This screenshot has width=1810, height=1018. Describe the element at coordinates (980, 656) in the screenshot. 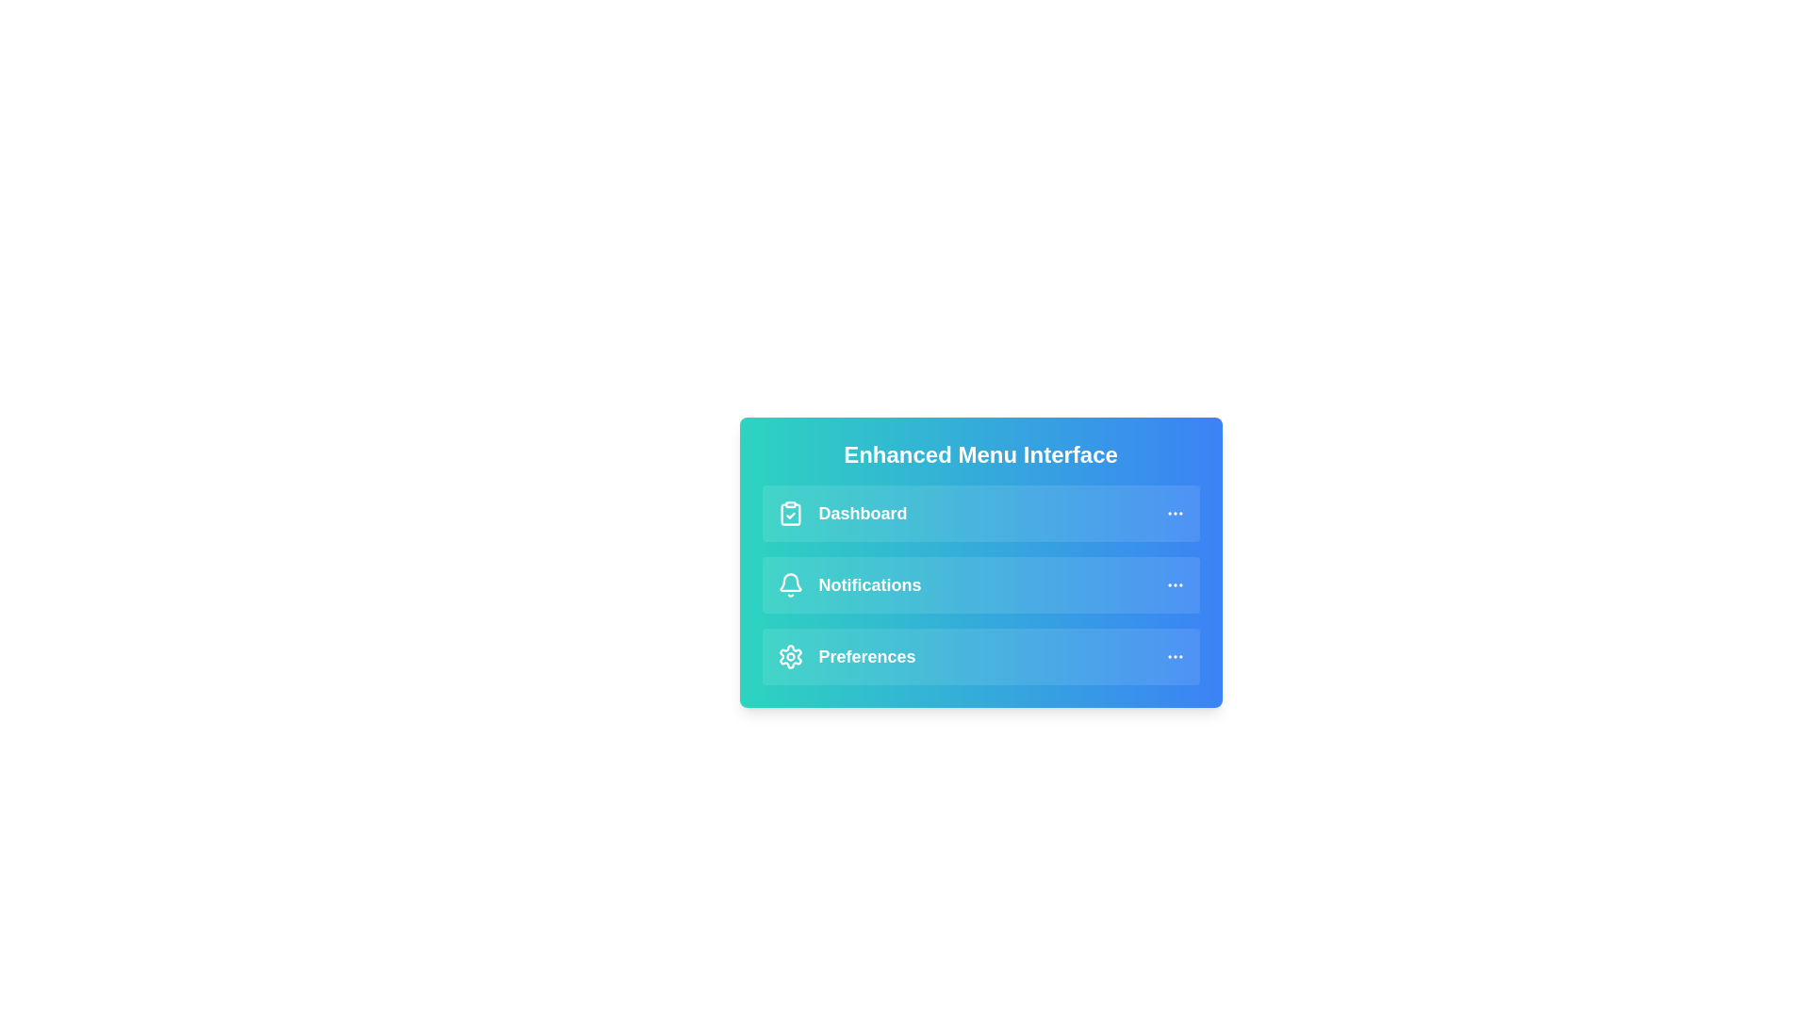

I see `the 'Preferences' button at the bottom of the 'Enhanced Menu Interface'` at that location.